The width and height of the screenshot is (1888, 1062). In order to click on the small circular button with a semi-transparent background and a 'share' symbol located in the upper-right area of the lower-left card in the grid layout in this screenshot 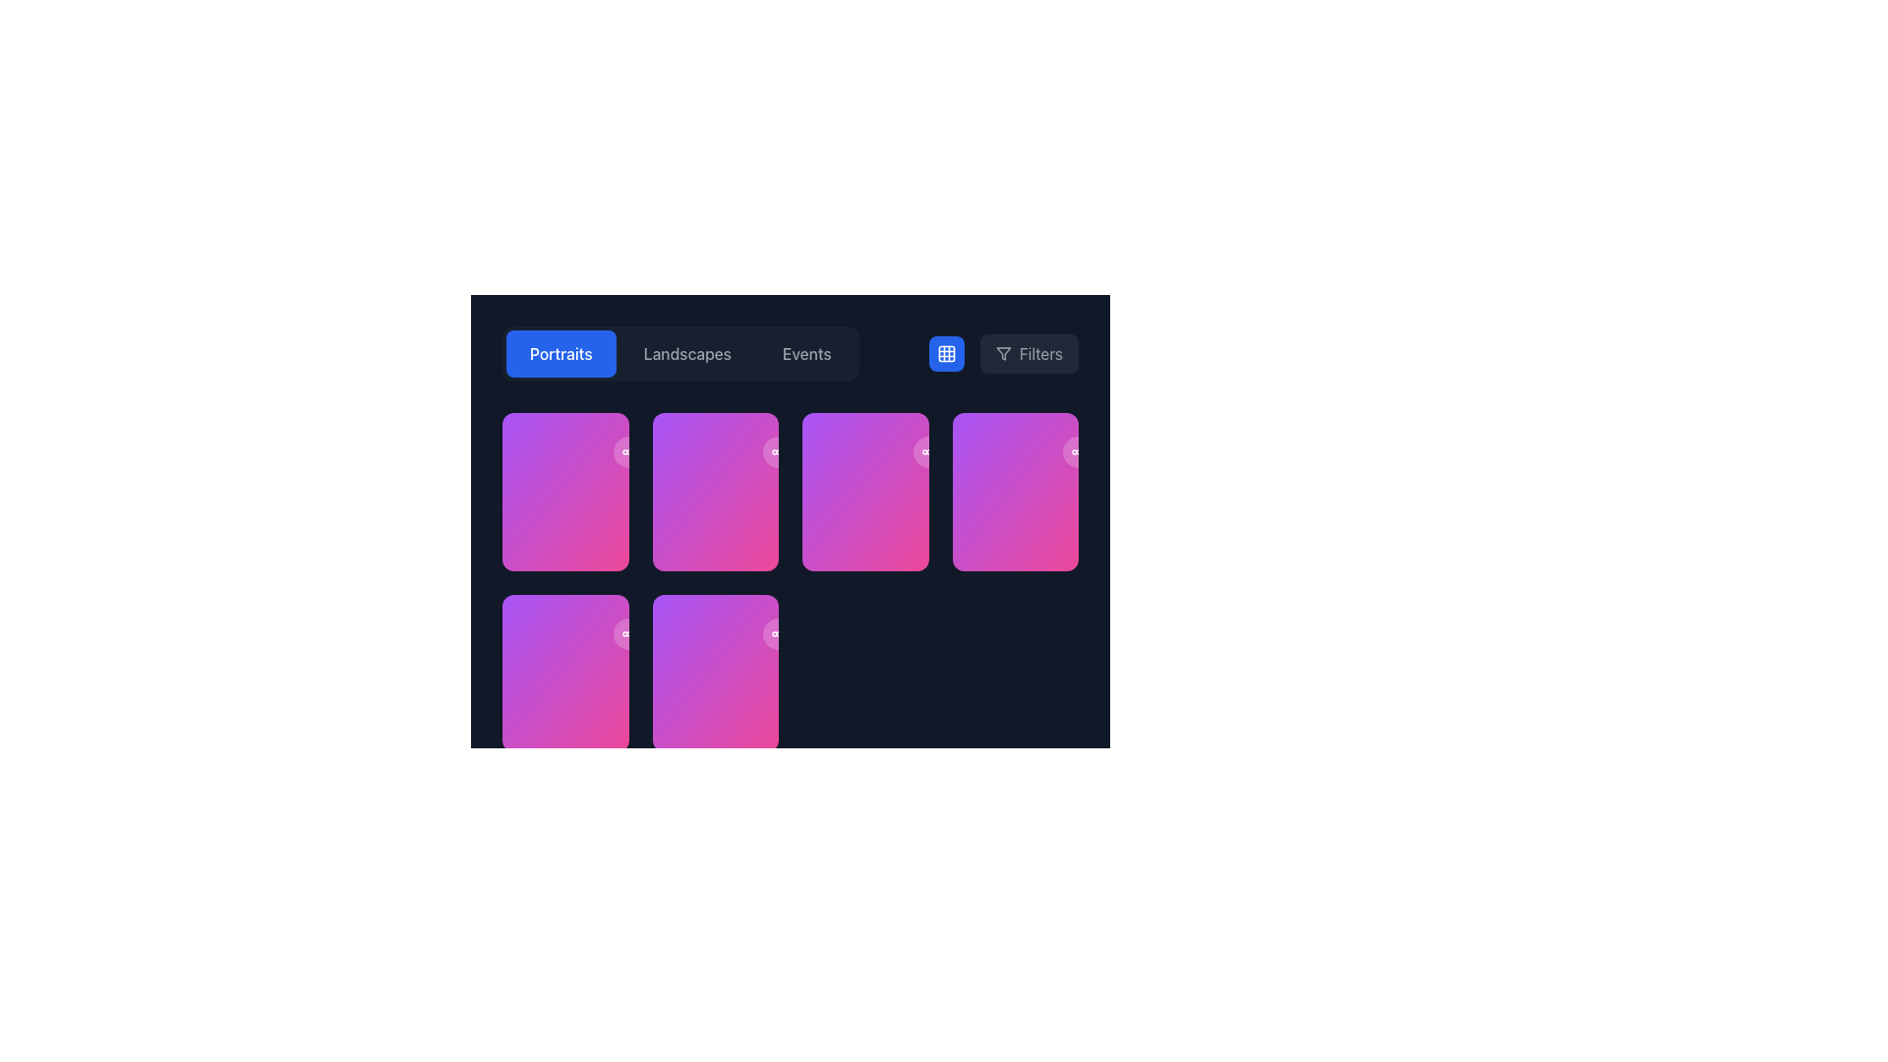, I will do `click(794, 629)`.